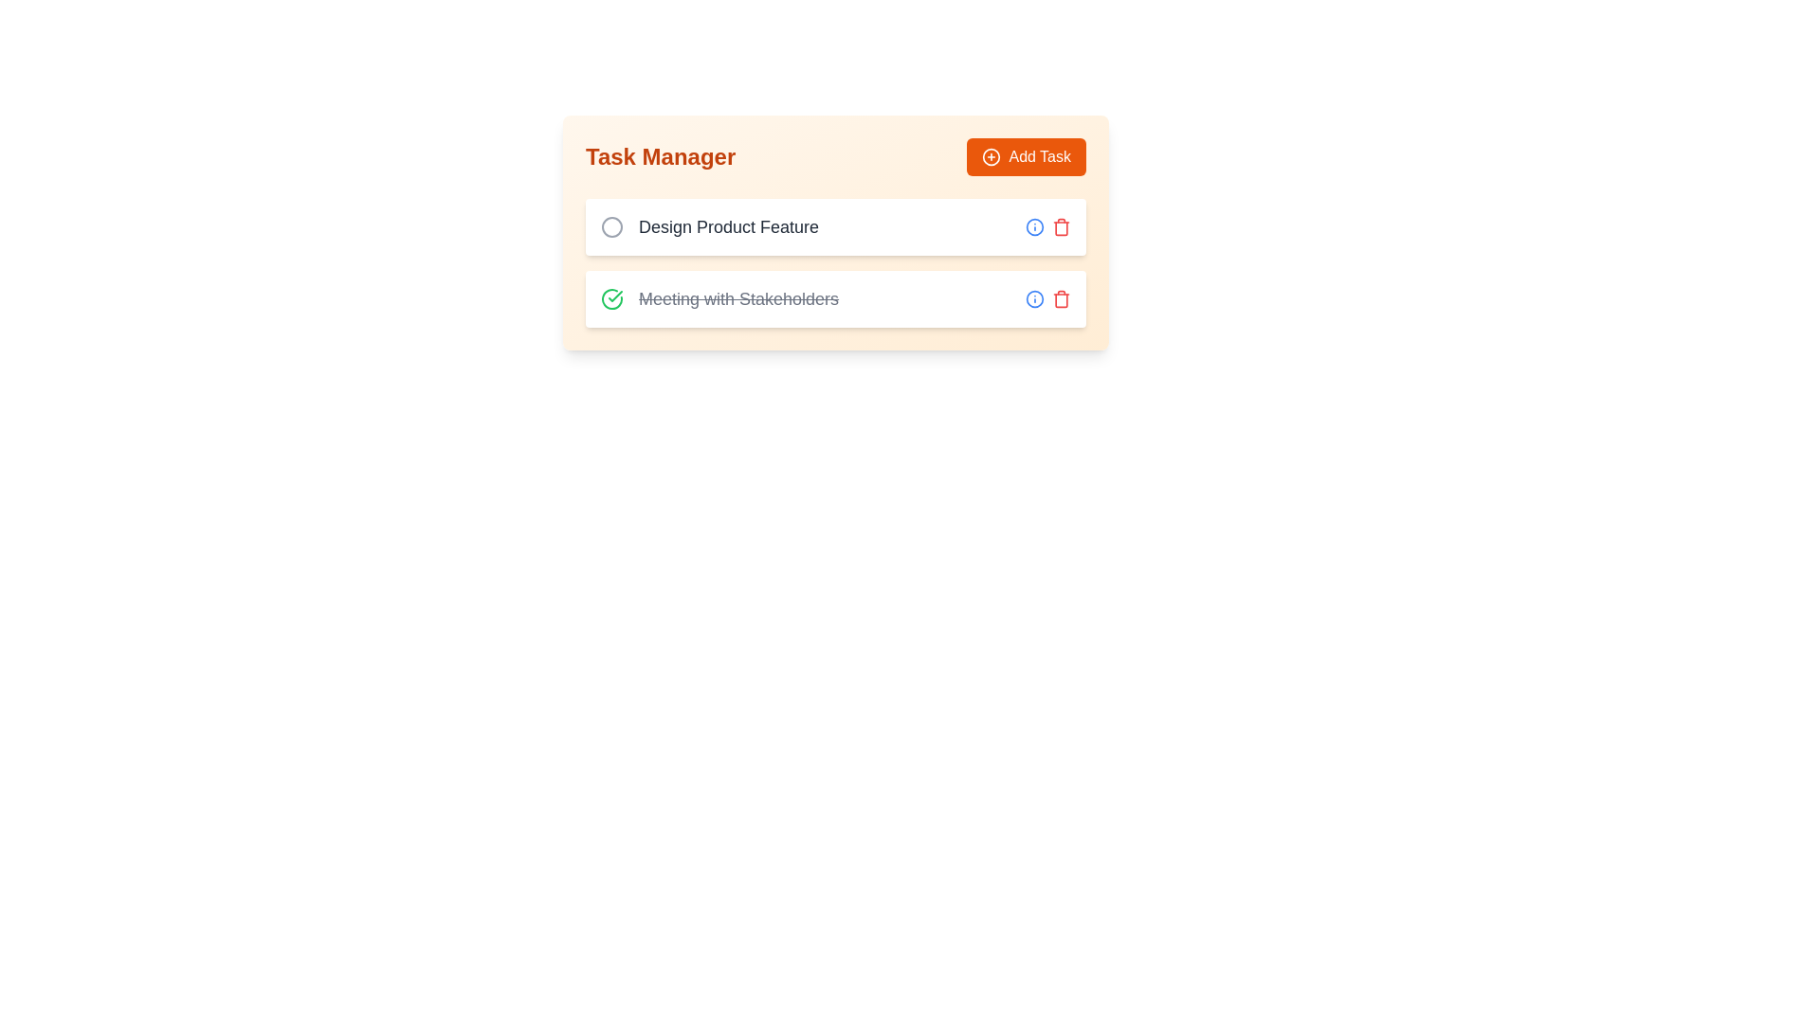 This screenshot has width=1820, height=1023. Describe the element at coordinates (1046, 298) in the screenshot. I see `the red trash can icon within the grouped unit of task-related actions` at that location.